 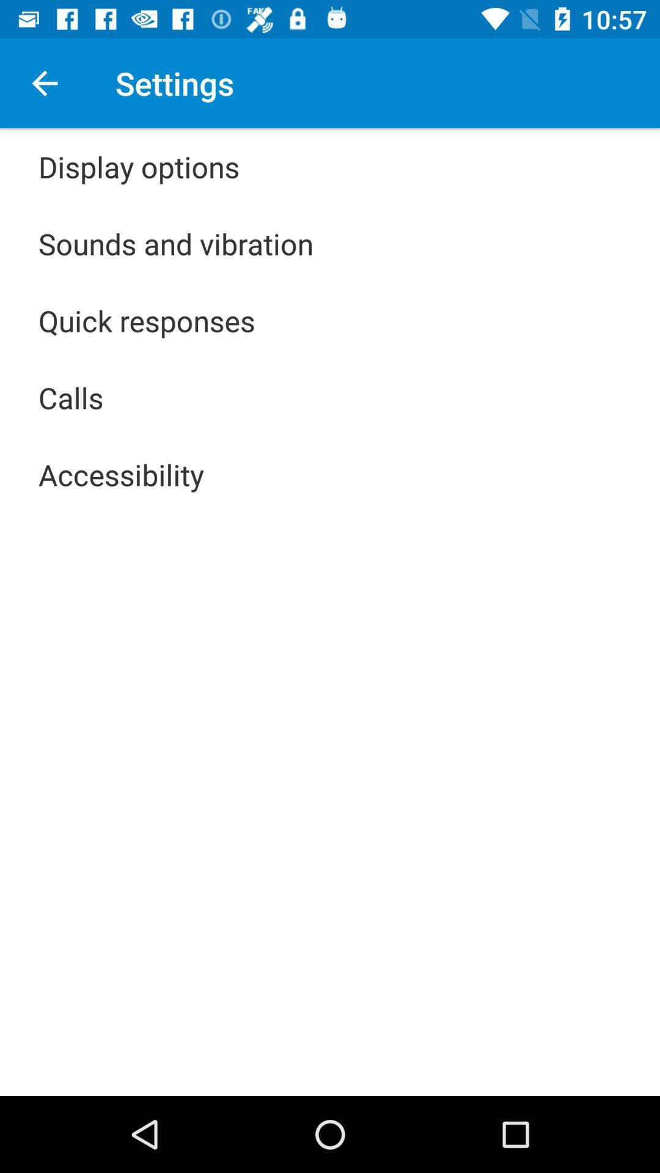 What do you see at coordinates (71, 398) in the screenshot?
I see `the calls app` at bounding box center [71, 398].